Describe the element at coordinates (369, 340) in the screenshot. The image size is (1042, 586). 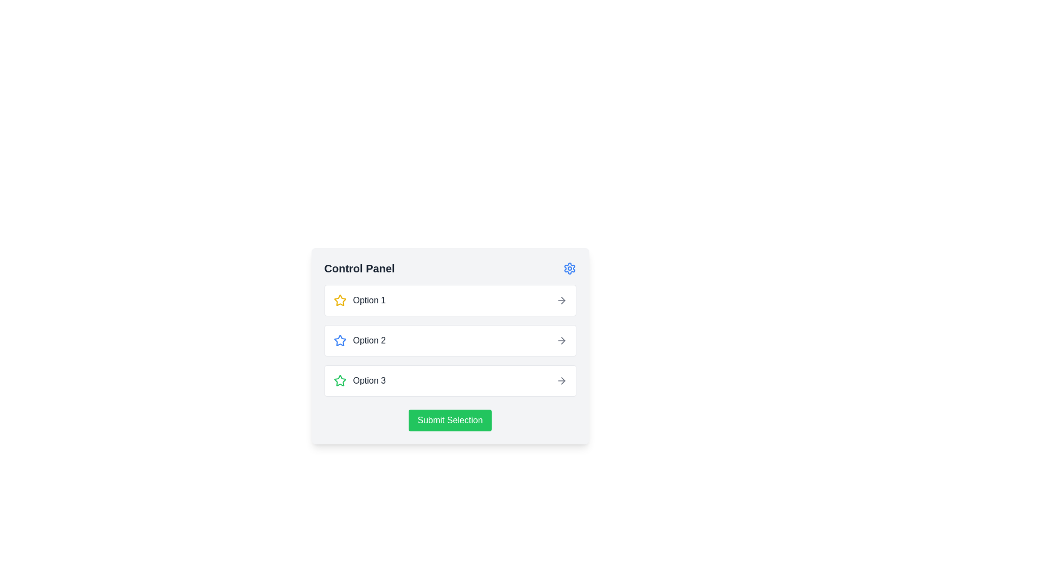
I see `text content of the text label displaying 'Option 2', which is dark gray and medium-weight, located to the right of a blue star icon in the second row of a list` at that location.